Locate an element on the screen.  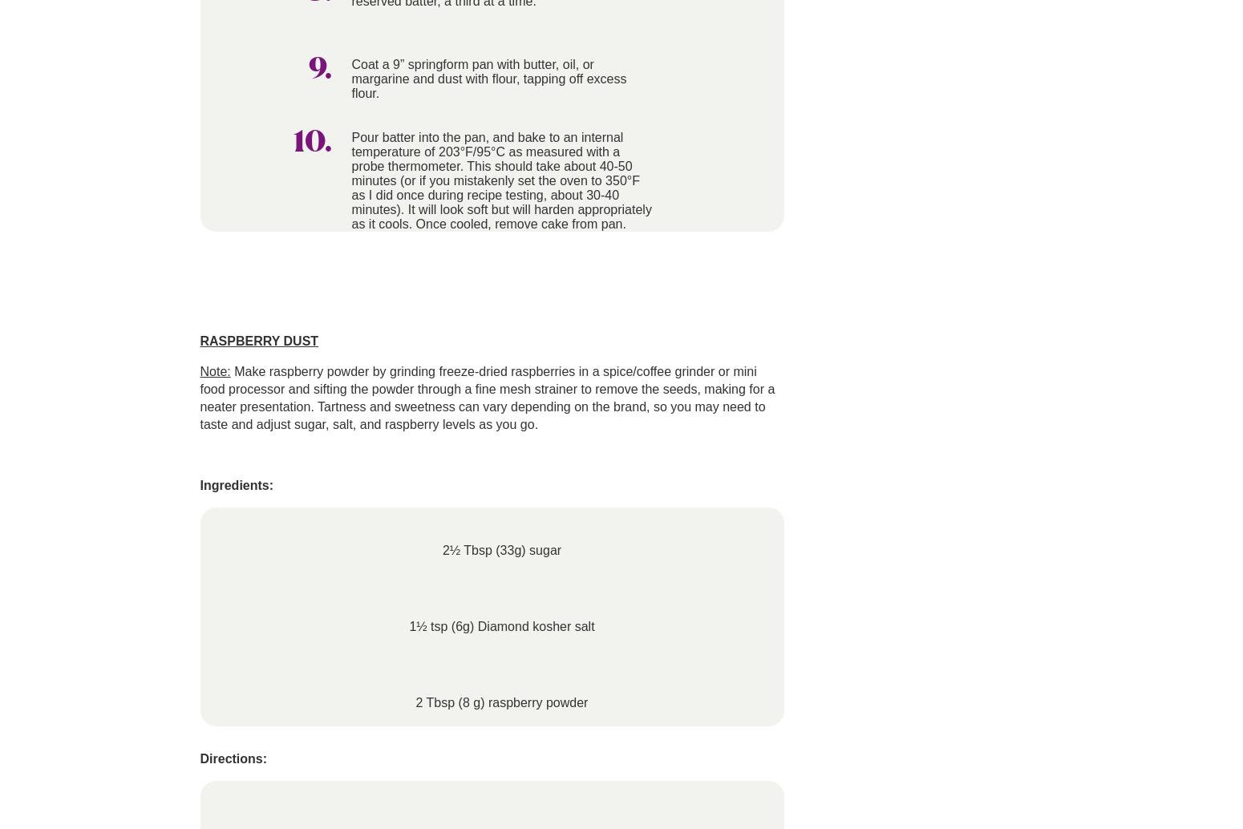
'1½ tsp (6g) Diamond kosher salt' is located at coordinates (500, 625).